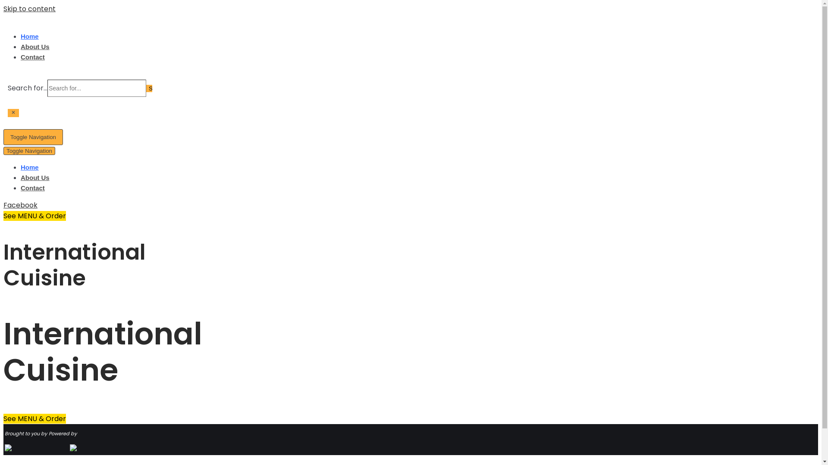  Describe the element at coordinates (33, 57) in the screenshot. I see `'Contact'` at that location.